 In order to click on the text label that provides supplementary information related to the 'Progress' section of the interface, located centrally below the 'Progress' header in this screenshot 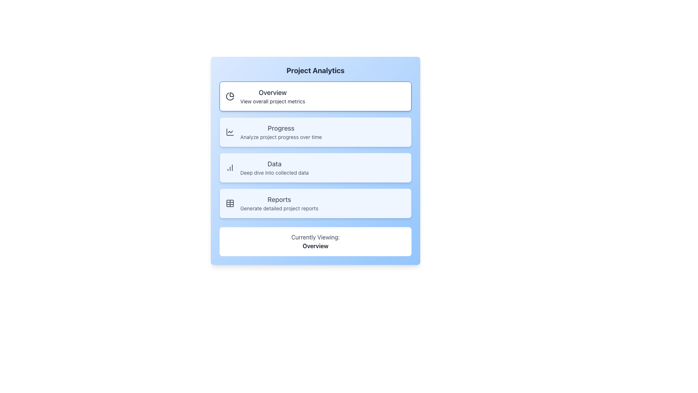, I will do `click(281, 137)`.